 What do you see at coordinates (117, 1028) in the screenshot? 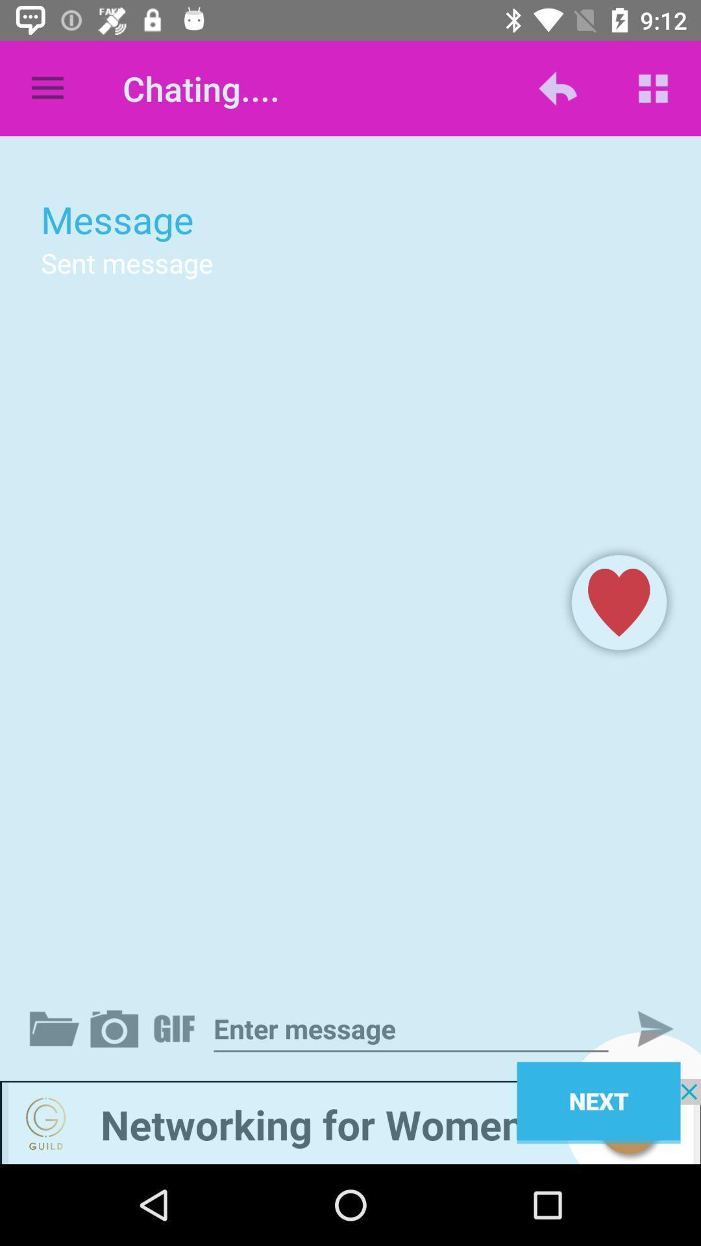
I see `the photo icon` at bounding box center [117, 1028].